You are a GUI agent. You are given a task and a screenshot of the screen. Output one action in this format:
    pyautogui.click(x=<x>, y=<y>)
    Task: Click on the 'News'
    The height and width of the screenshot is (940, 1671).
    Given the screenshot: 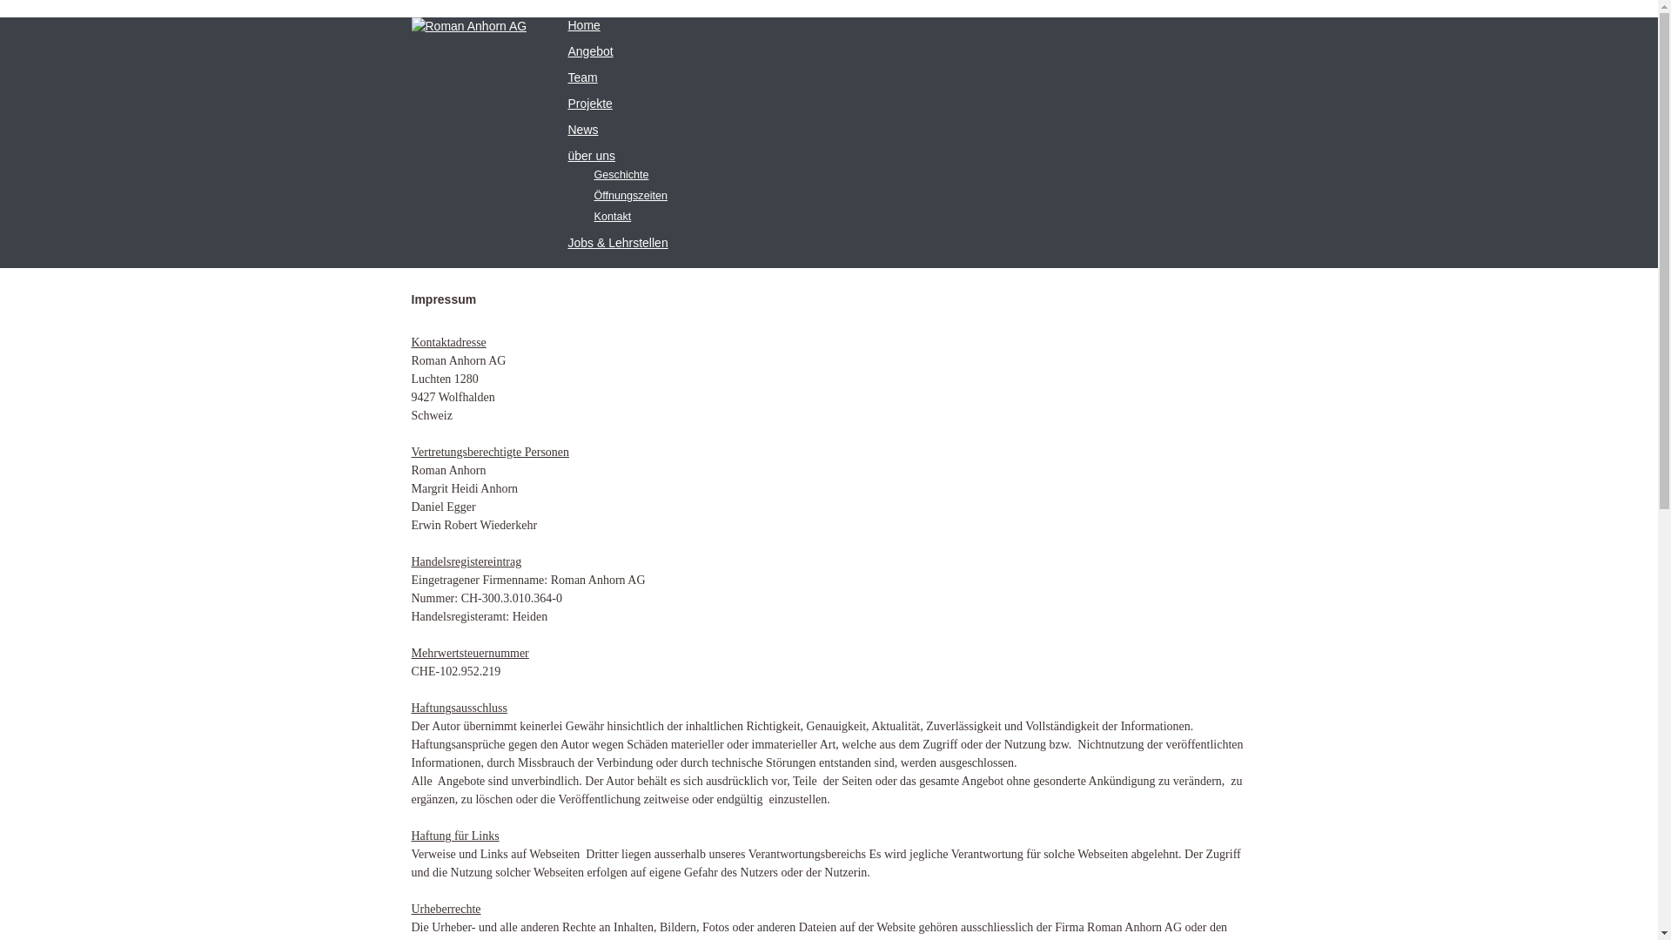 What is the action you would take?
    pyautogui.click(x=582, y=129)
    